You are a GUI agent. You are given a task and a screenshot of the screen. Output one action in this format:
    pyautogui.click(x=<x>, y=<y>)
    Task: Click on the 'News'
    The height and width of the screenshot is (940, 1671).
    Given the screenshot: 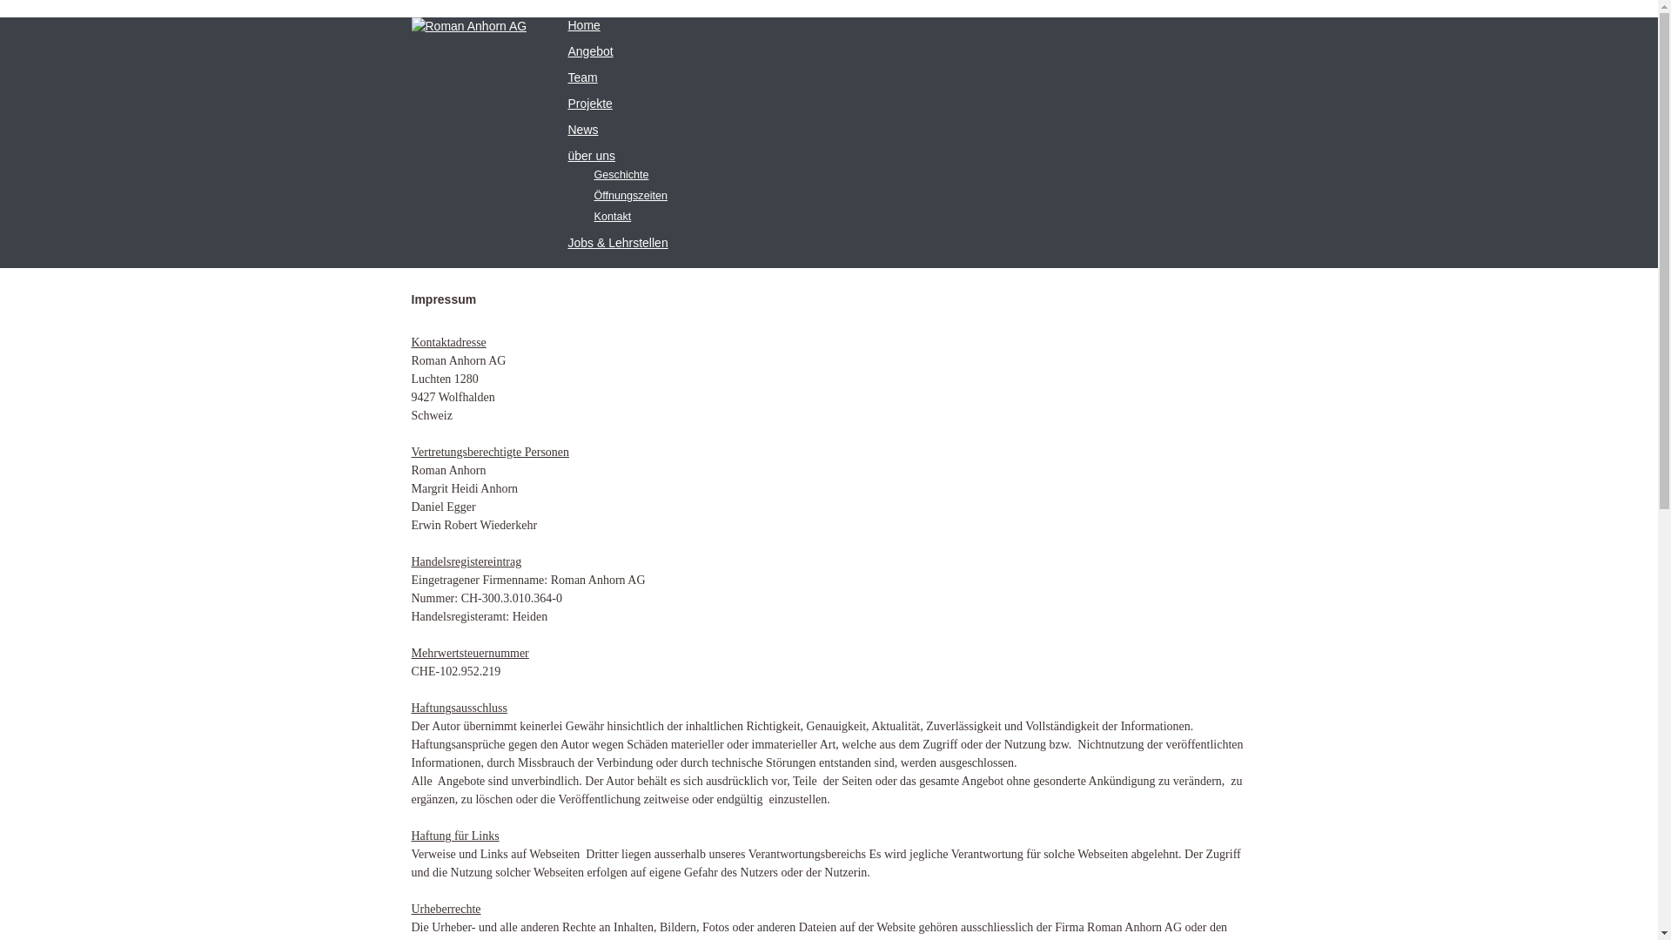 What is the action you would take?
    pyautogui.click(x=582, y=129)
    